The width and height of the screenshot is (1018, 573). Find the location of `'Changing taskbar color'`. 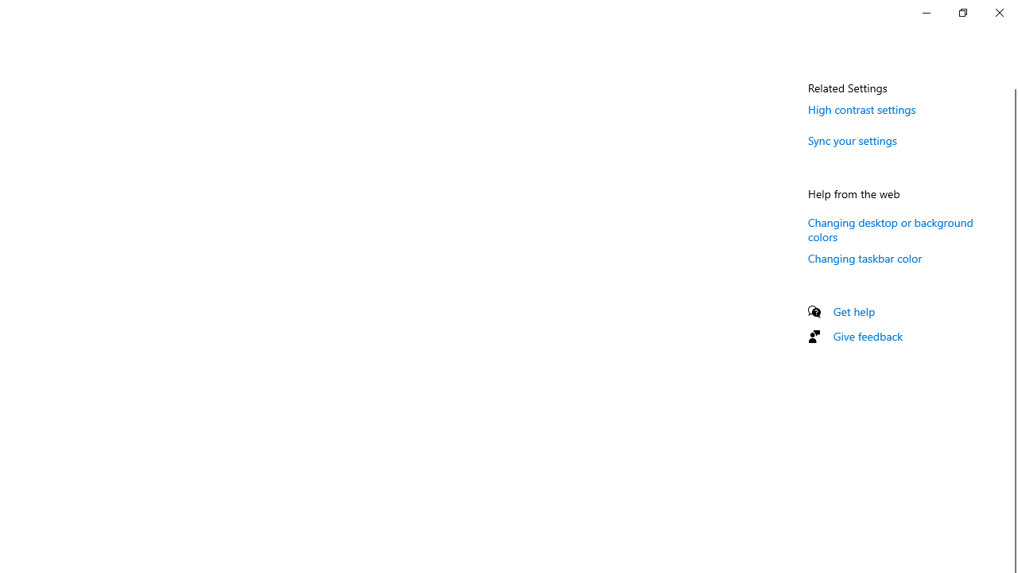

'Changing taskbar color' is located at coordinates (865, 257).